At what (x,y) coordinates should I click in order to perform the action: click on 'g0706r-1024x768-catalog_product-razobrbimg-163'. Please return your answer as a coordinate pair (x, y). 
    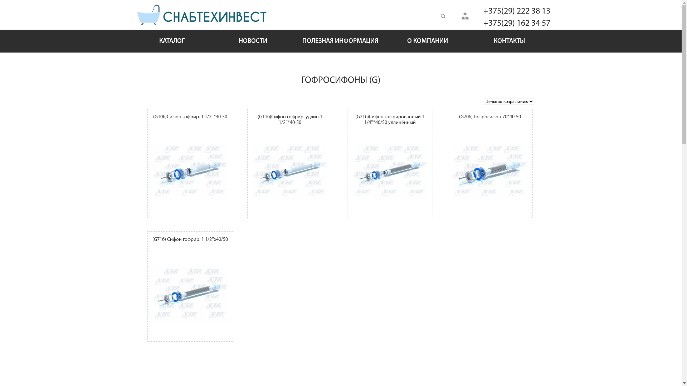
    Looking at the image, I should click on (448, 172).